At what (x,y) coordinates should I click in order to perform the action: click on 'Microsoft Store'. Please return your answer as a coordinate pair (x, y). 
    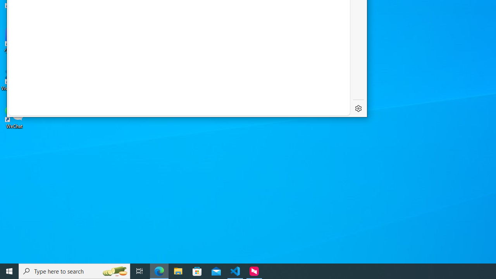
    Looking at the image, I should click on (197, 270).